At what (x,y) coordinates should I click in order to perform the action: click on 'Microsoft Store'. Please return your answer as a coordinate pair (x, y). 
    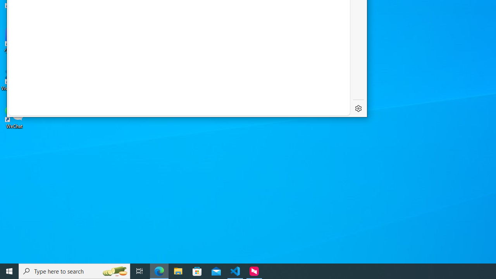
    Looking at the image, I should click on (197, 270).